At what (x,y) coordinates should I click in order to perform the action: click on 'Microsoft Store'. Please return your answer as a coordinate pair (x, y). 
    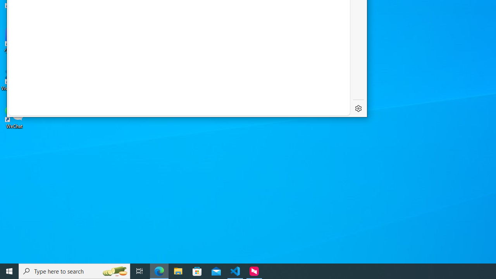
    Looking at the image, I should click on (197, 270).